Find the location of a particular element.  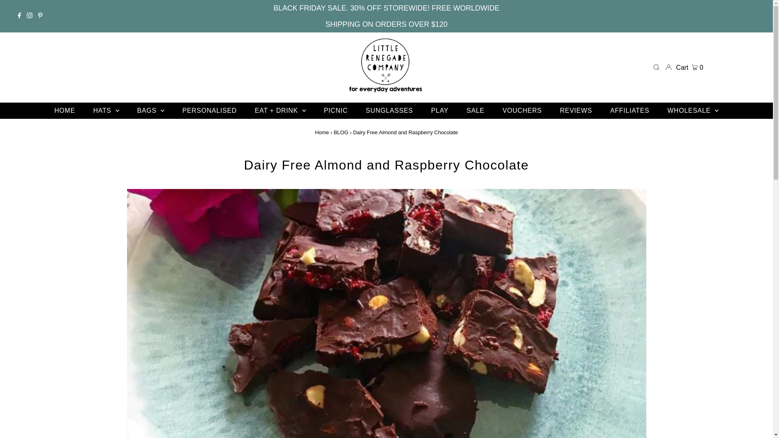

'HOME' is located at coordinates (46, 111).